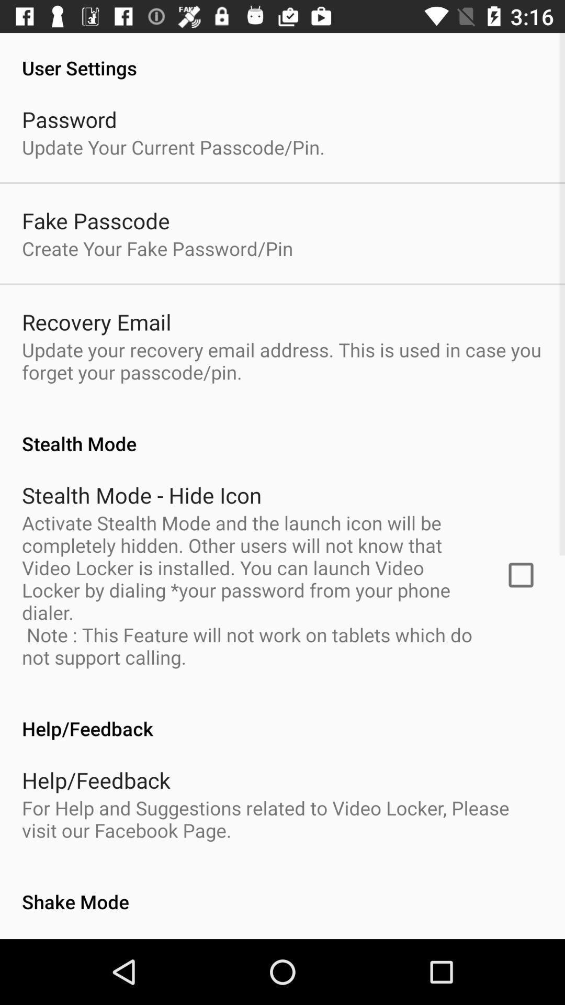 Image resolution: width=565 pixels, height=1005 pixels. Describe the element at coordinates (521, 574) in the screenshot. I see `the icon on the right` at that location.